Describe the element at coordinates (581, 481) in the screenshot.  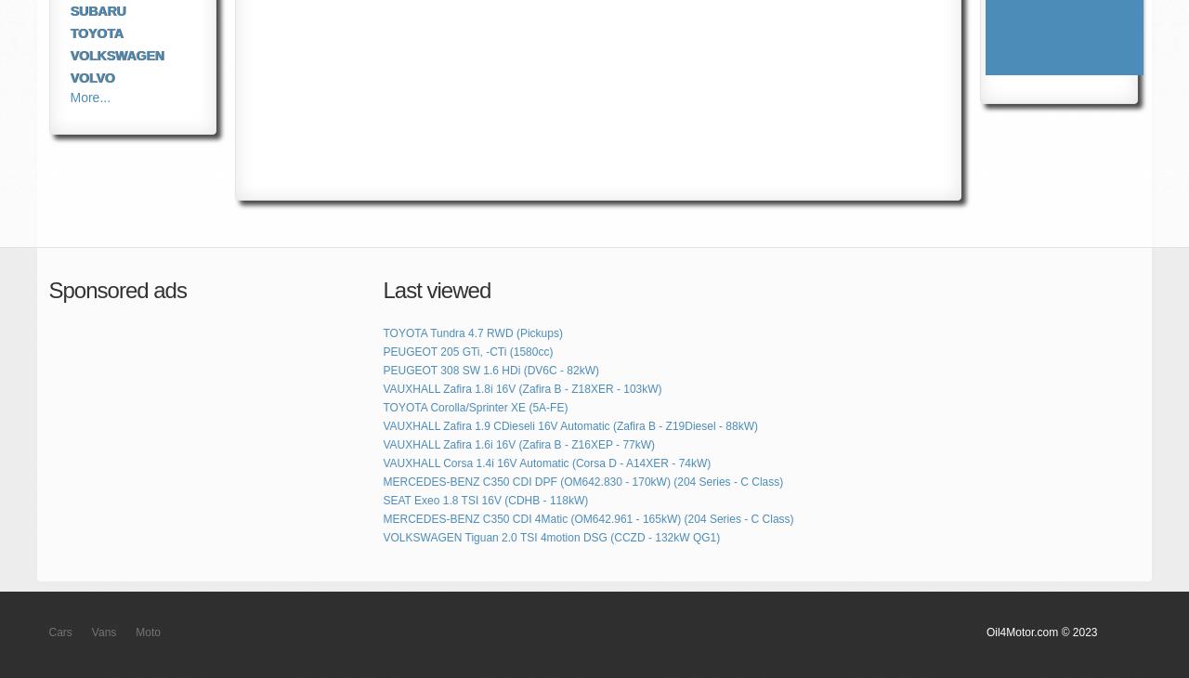
I see `'MERCEDES-BENZ C350 CDI DPF (OM642.830 - 170kW) (204 Series - C Class)'` at that location.